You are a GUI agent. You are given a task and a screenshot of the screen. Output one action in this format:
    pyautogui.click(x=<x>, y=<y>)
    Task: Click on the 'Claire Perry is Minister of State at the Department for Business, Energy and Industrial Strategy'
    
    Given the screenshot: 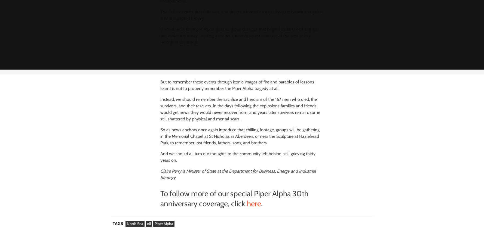 What is the action you would take?
    pyautogui.click(x=238, y=174)
    